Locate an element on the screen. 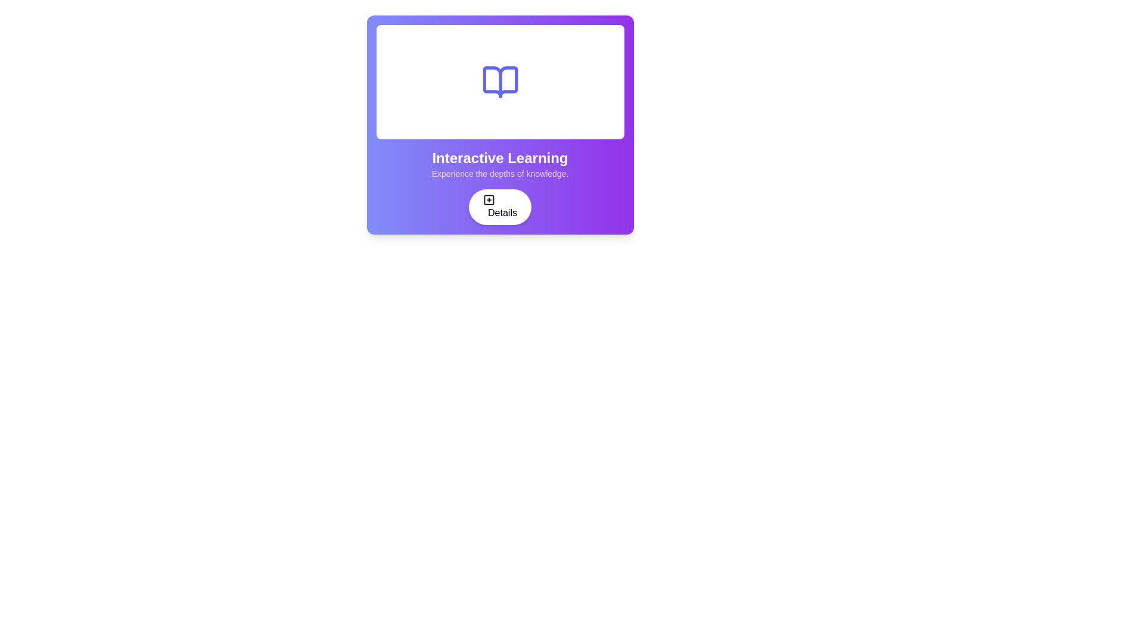 This screenshot has width=1144, height=643. the rounded button labeled 'Details' with a plus sign icon is located at coordinates (500, 206).